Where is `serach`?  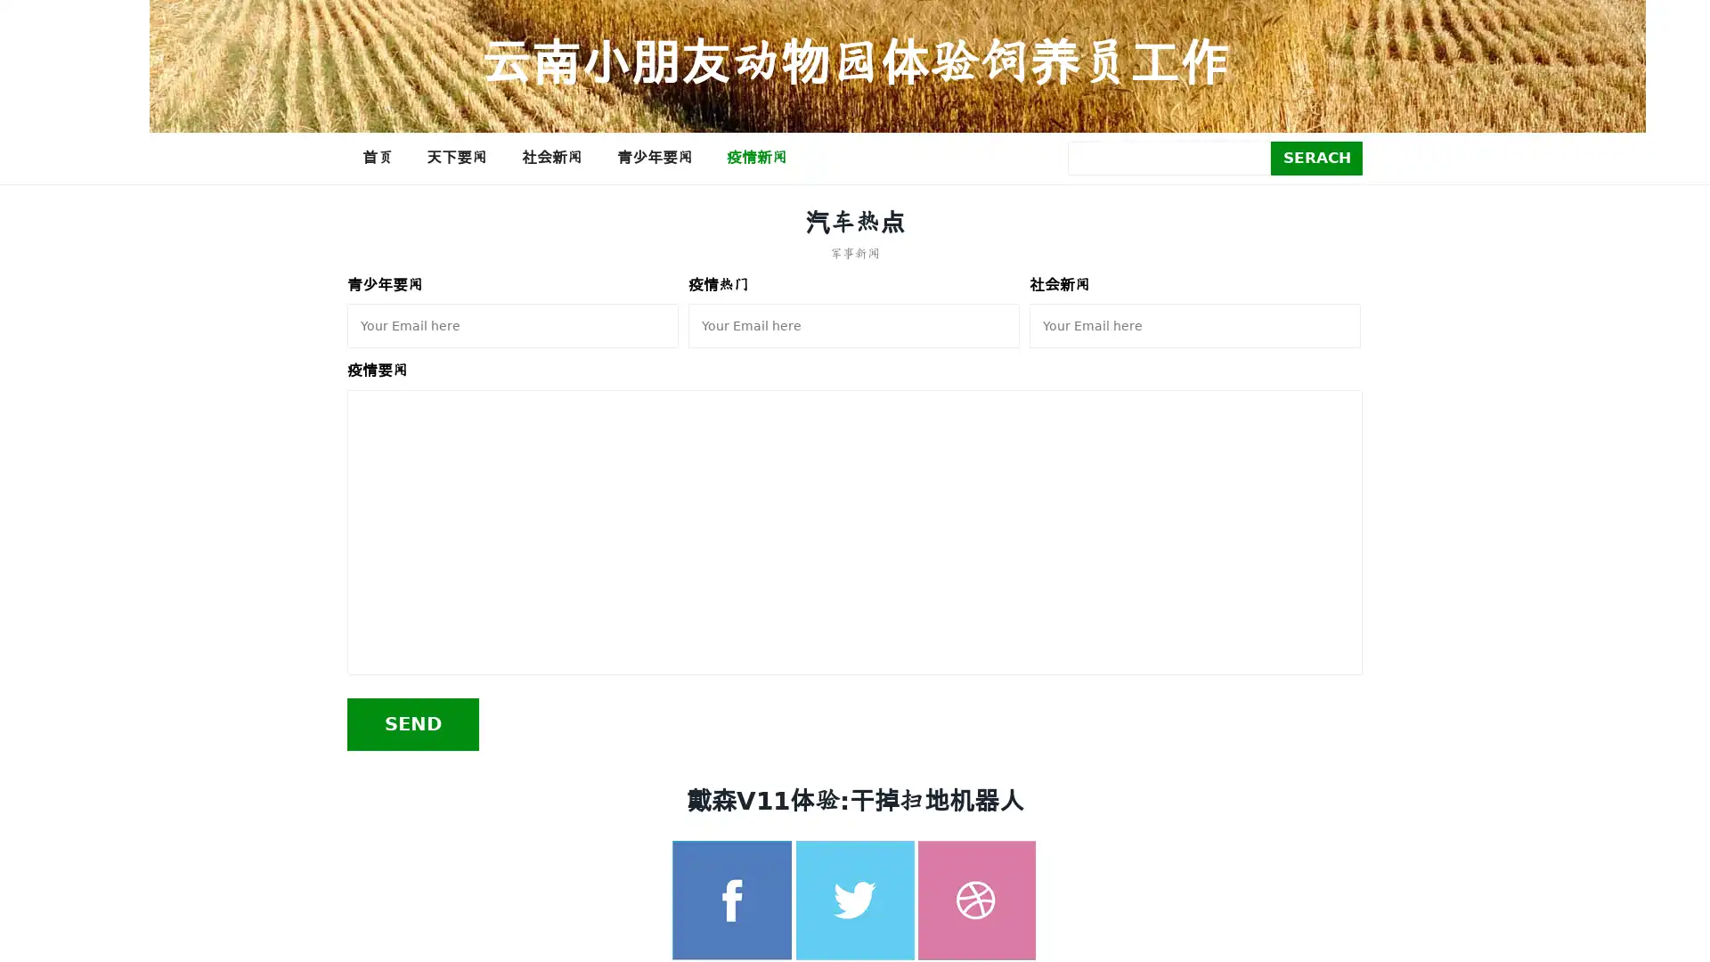 serach is located at coordinates (1316, 157).